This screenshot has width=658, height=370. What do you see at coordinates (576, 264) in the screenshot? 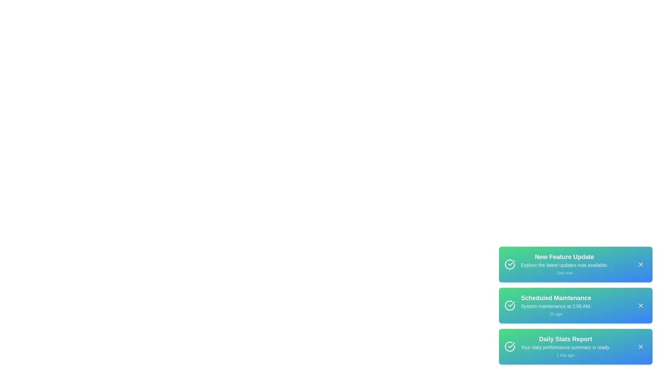
I see `the notification with title New Feature Update` at bounding box center [576, 264].